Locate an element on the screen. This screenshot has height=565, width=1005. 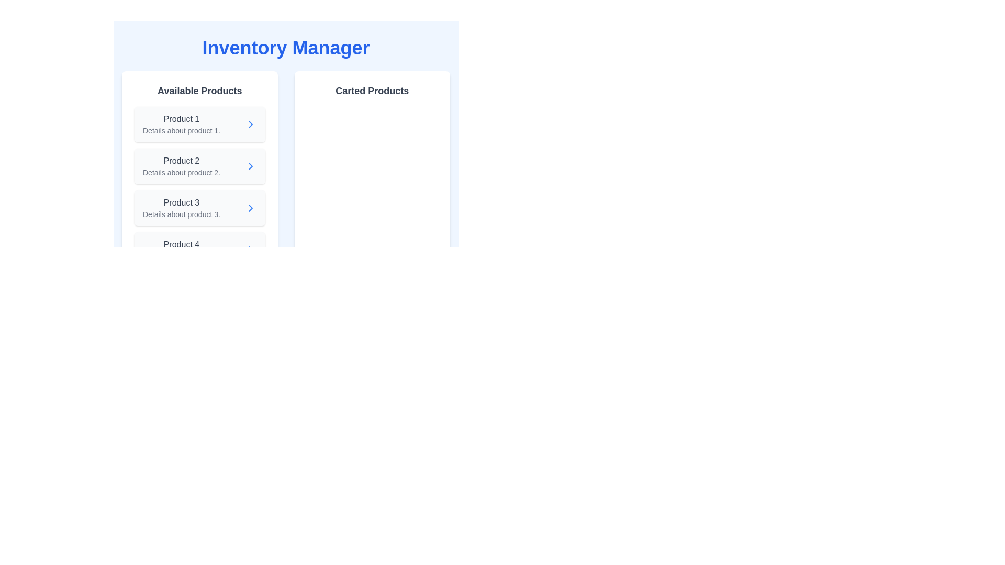
the text label reading 'Available Products', which is prominently styled in bold dark gray above a list of product items is located at coordinates (199, 90).